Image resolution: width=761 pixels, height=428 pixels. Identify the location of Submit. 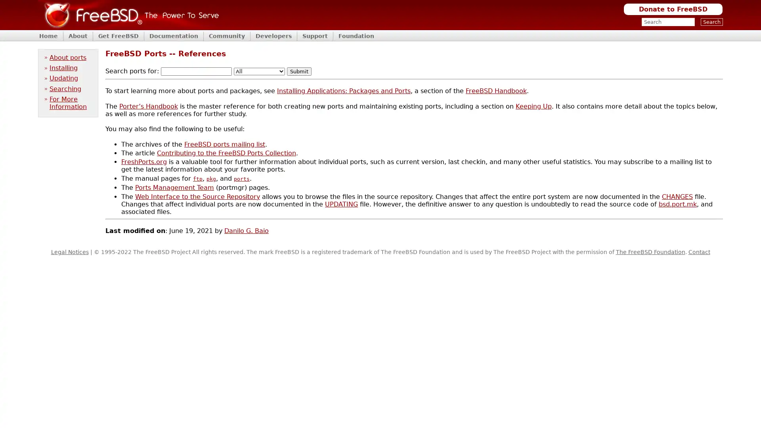
(298, 71).